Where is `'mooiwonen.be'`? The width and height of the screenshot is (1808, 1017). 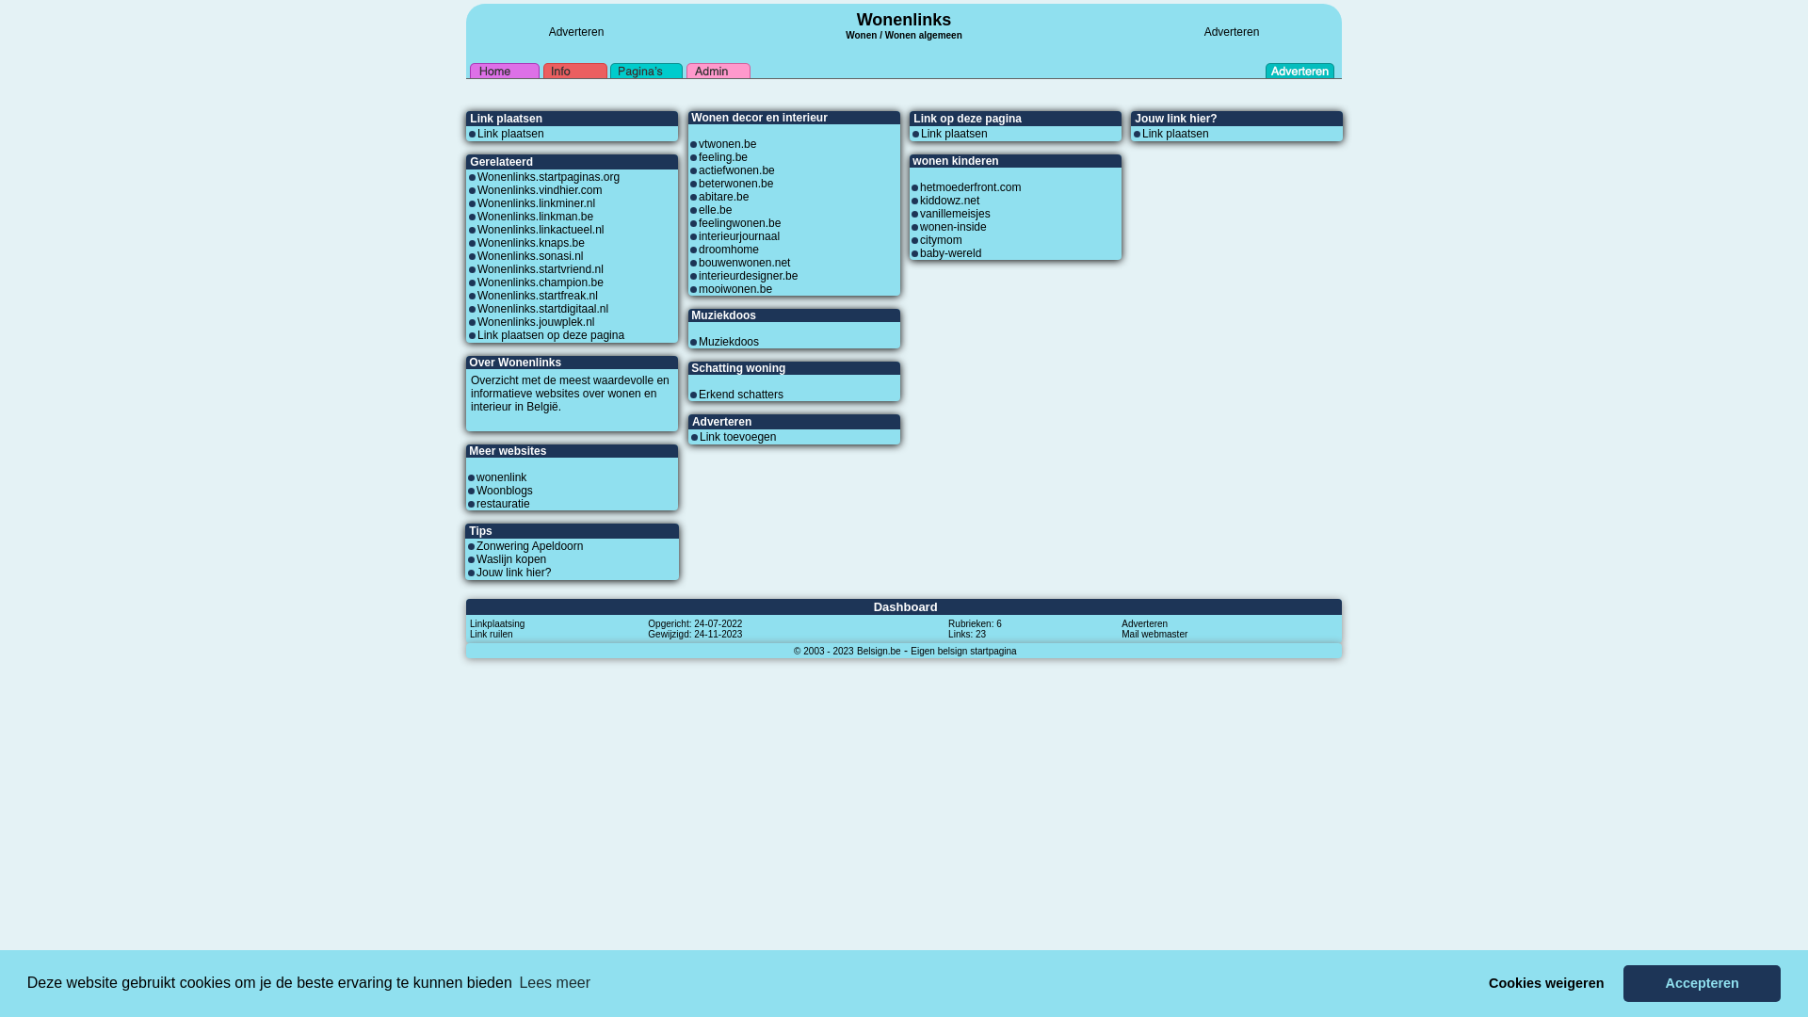
'mooiwonen.be' is located at coordinates (734, 289).